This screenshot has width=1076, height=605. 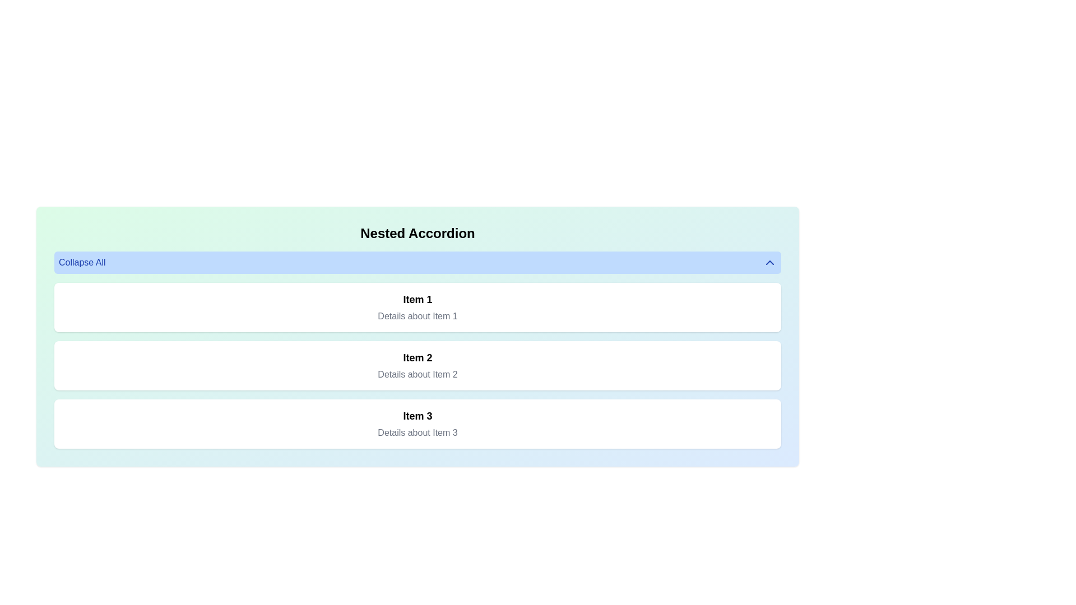 What do you see at coordinates (417, 365) in the screenshot?
I see `the list item 2` at bounding box center [417, 365].